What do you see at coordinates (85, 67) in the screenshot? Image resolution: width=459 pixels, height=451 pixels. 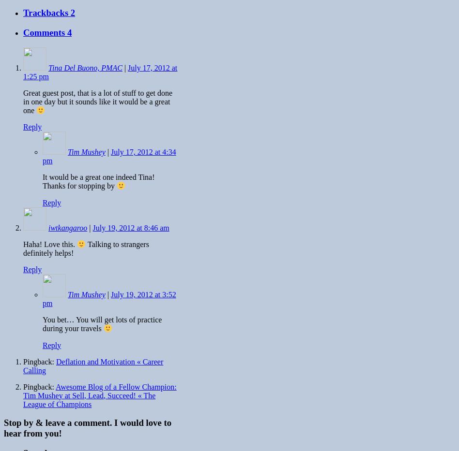 I see `'Tina Del Buono, PMAC'` at bounding box center [85, 67].